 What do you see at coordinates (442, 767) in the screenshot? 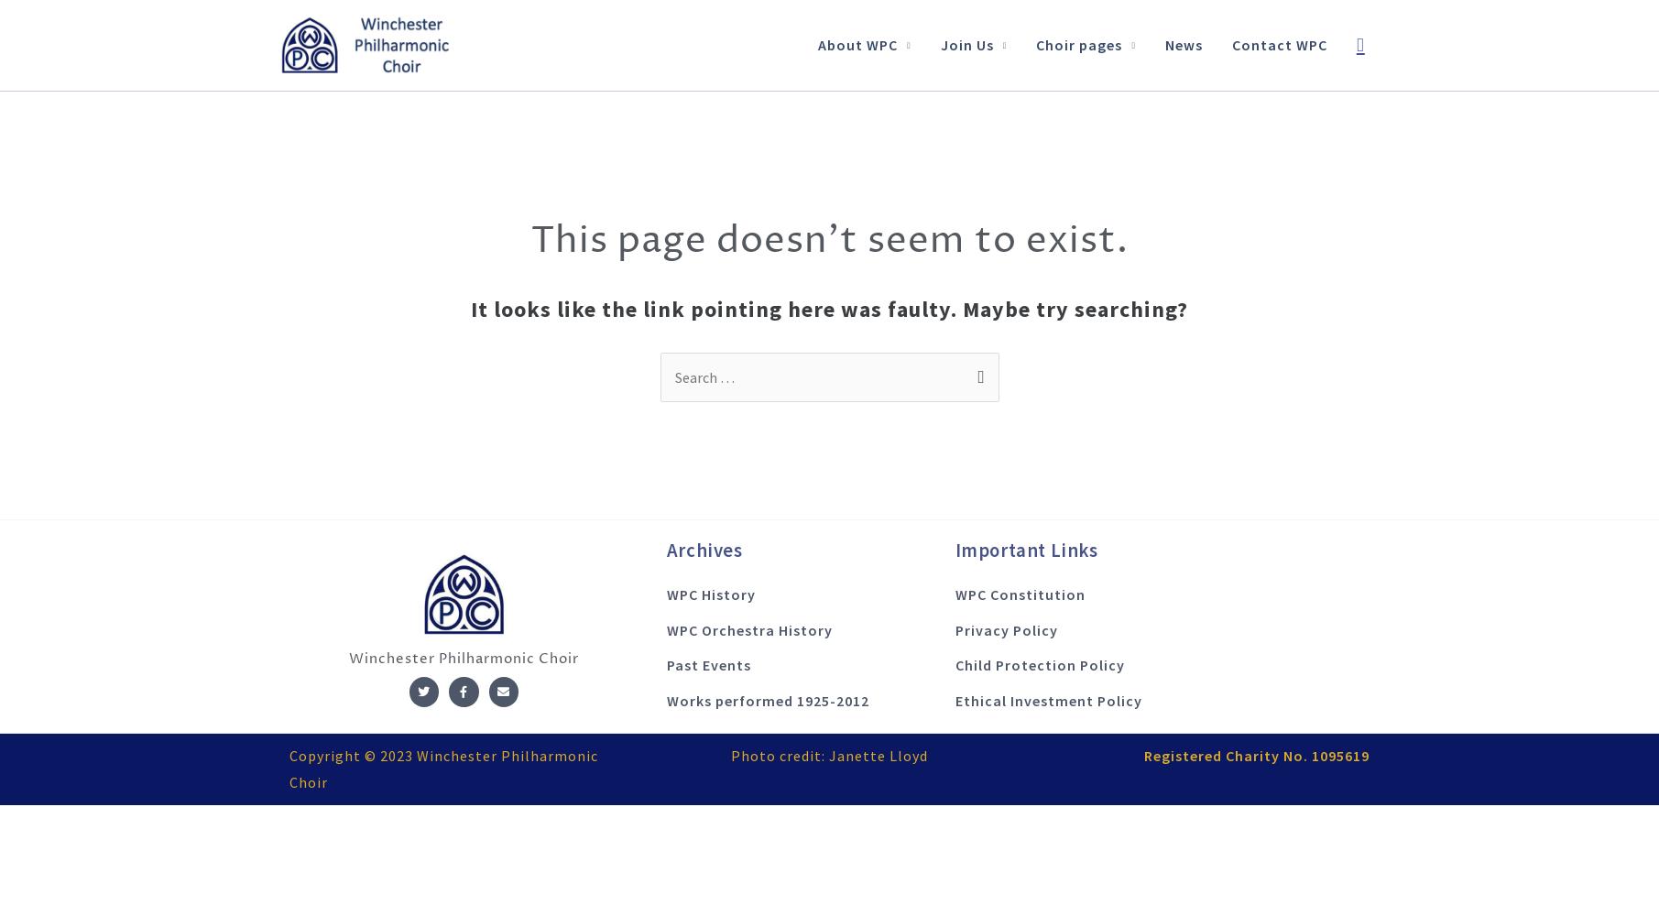
I see `'Copyright © 2023 Winchester Philharmonic Choir'` at bounding box center [442, 767].